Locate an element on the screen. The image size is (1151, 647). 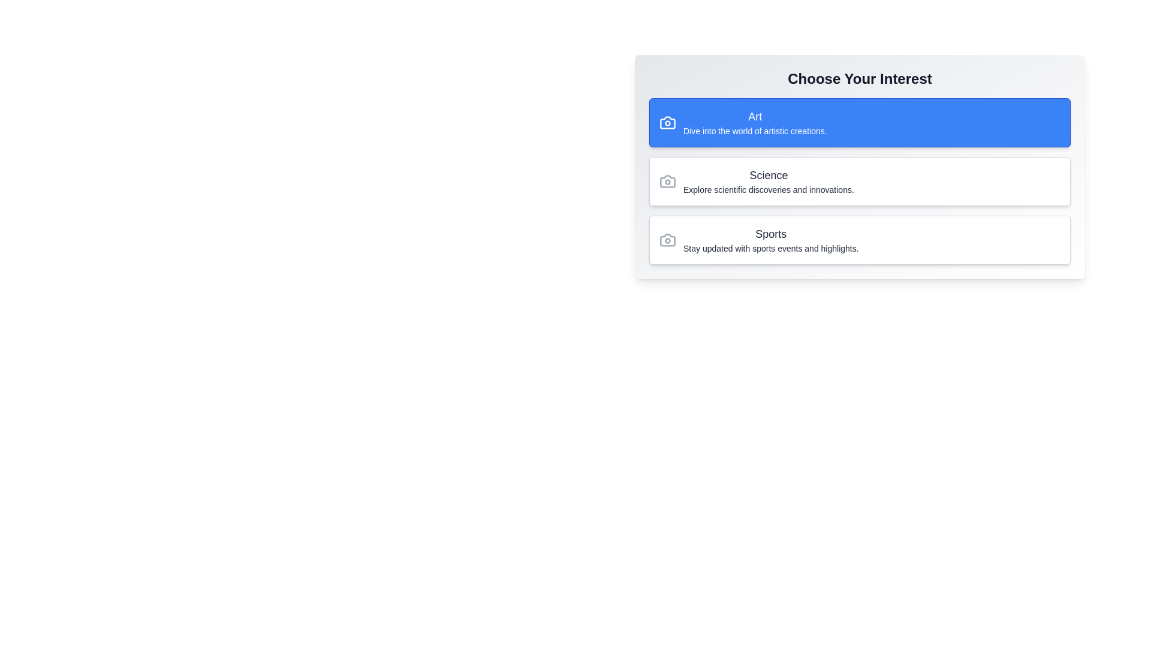
the text label 'Art', which is styled in bold and located at the top of the options list within a blue rectangular section is located at coordinates (754, 117).